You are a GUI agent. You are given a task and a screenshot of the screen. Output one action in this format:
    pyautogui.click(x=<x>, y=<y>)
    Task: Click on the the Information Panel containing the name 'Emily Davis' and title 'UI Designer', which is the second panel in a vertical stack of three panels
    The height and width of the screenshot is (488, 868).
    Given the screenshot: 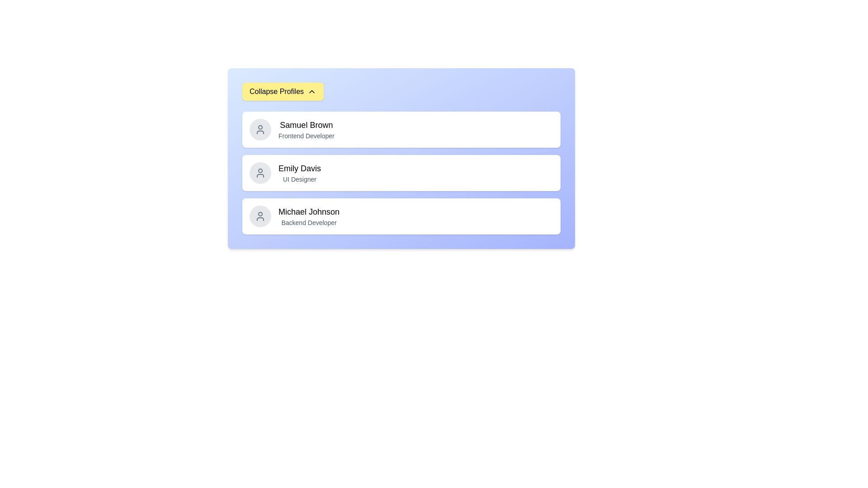 What is the action you would take?
    pyautogui.click(x=401, y=158)
    